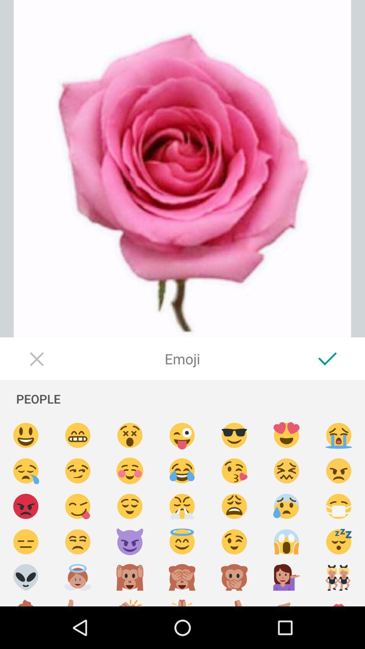 This screenshot has height=649, width=365. I want to click on cheeky emoji, so click(77, 506).